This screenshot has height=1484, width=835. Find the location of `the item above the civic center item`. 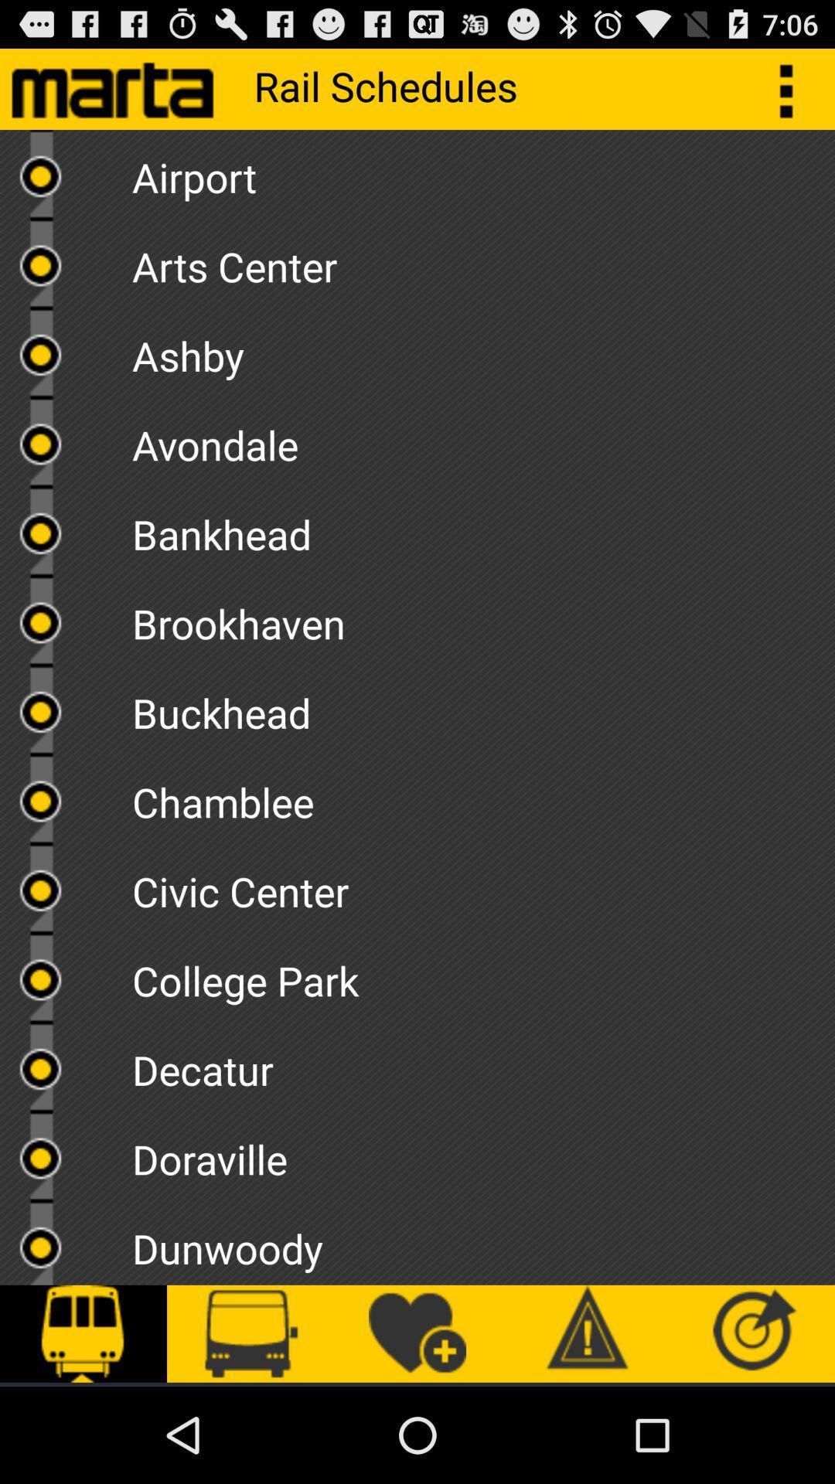

the item above the civic center item is located at coordinates (482, 797).